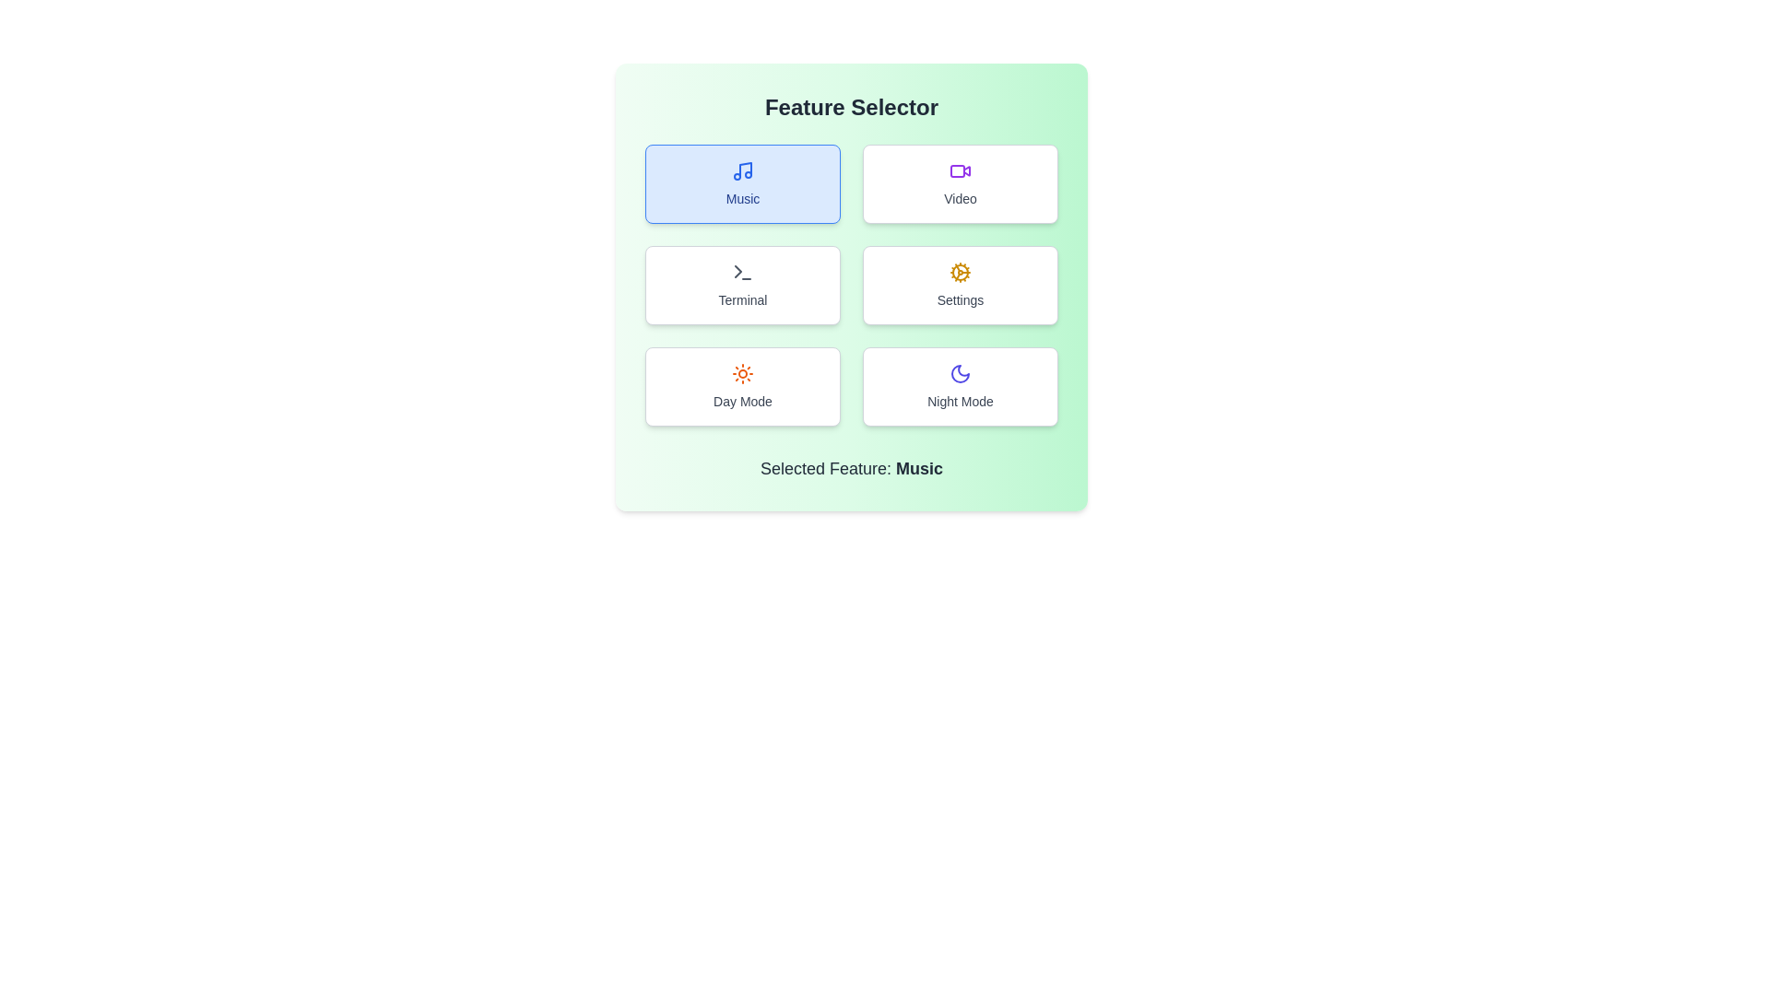 This screenshot has width=1770, height=995. What do you see at coordinates (743, 170) in the screenshot?
I see `the 'Music' icon located` at bounding box center [743, 170].